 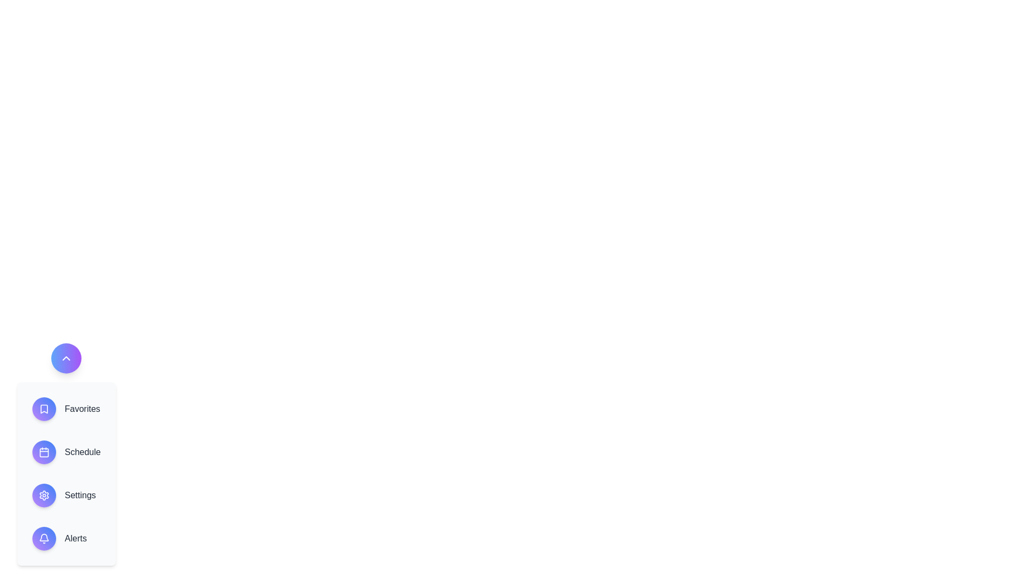 What do you see at coordinates (66, 539) in the screenshot?
I see `the 'Alerts' option in the menu` at bounding box center [66, 539].